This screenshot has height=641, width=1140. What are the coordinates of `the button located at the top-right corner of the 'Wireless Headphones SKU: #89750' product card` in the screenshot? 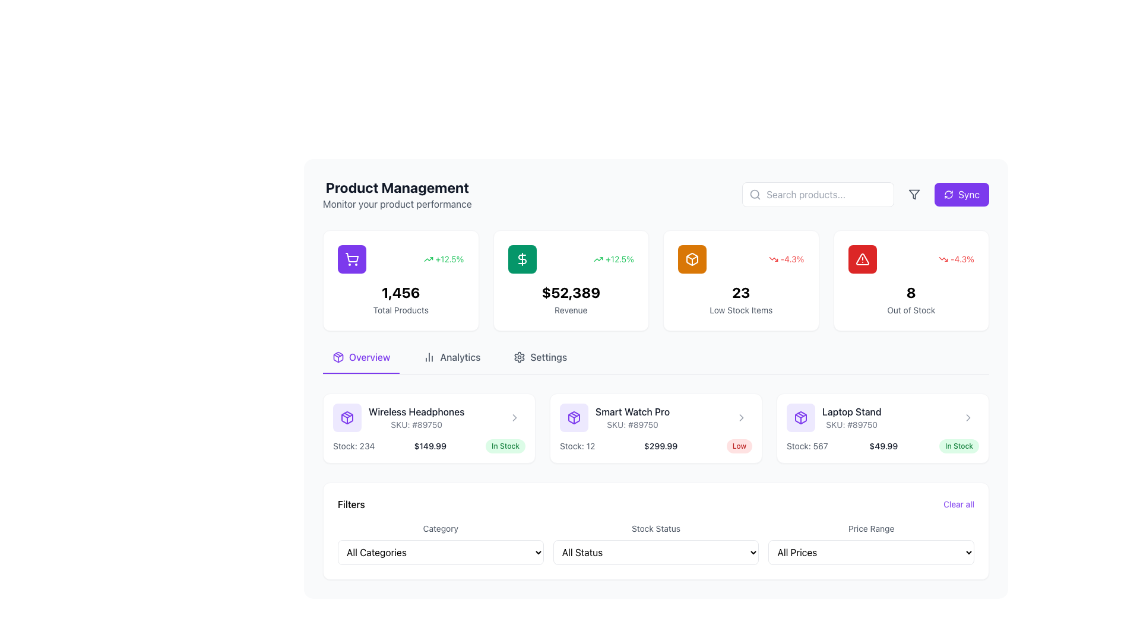 It's located at (515, 417).